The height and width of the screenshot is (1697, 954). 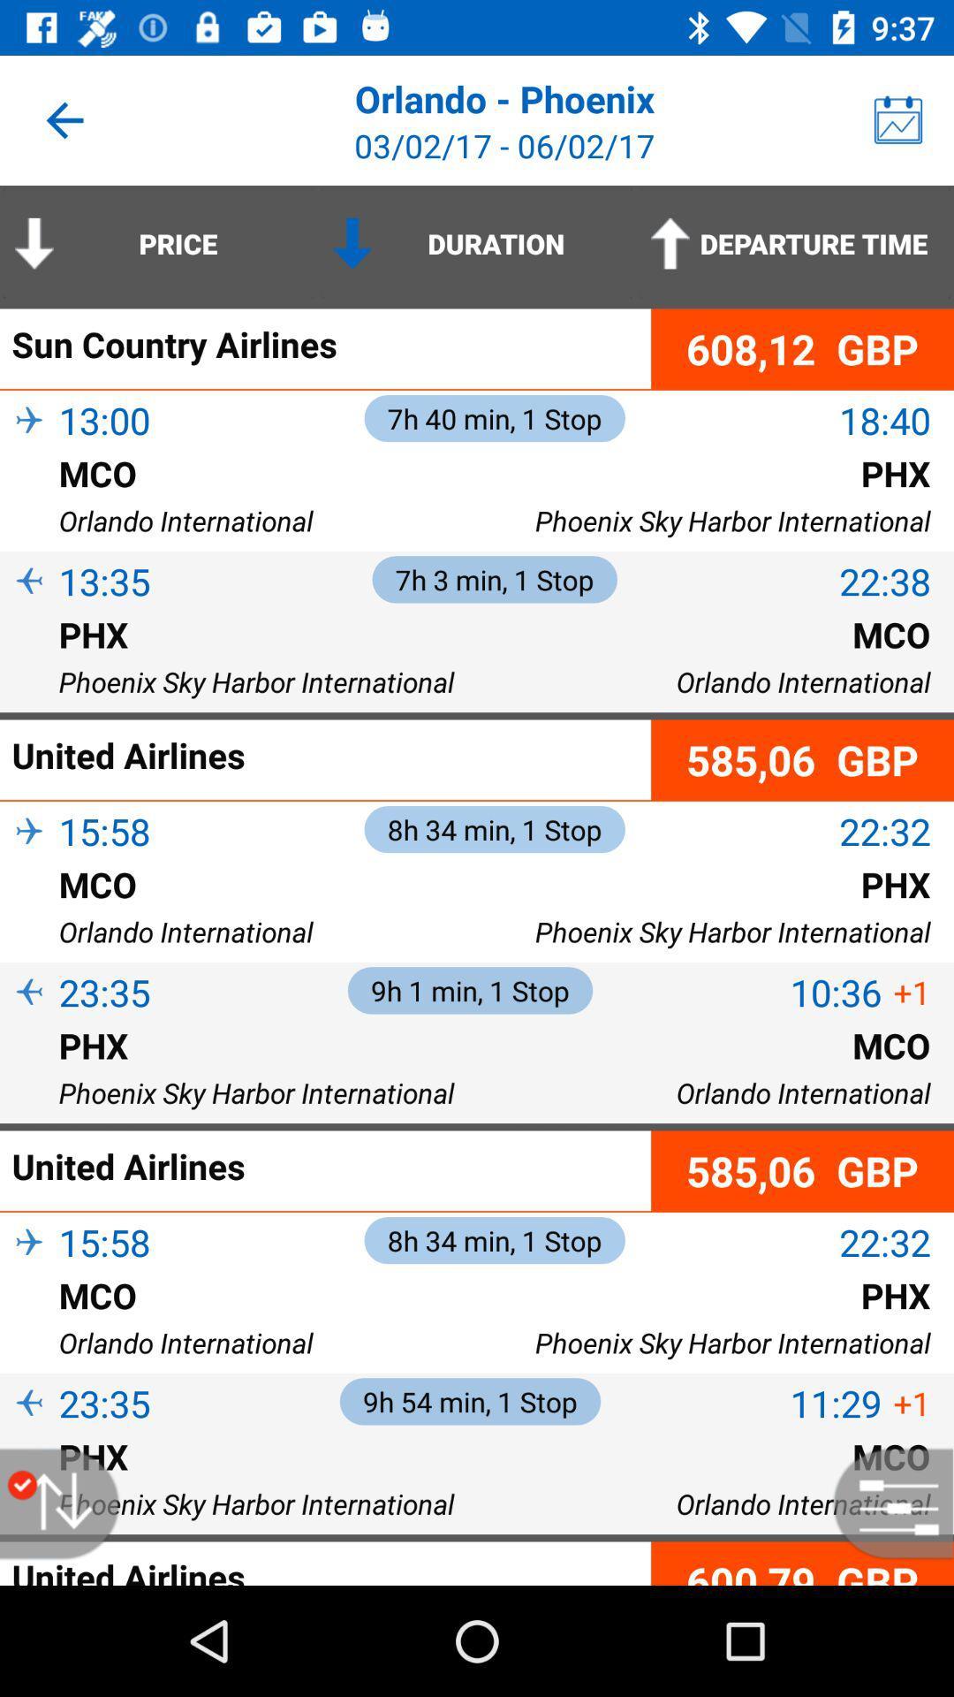 What do you see at coordinates (29, 1433) in the screenshot?
I see `icon next to the 23:35` at bounding box center [29, 1433].